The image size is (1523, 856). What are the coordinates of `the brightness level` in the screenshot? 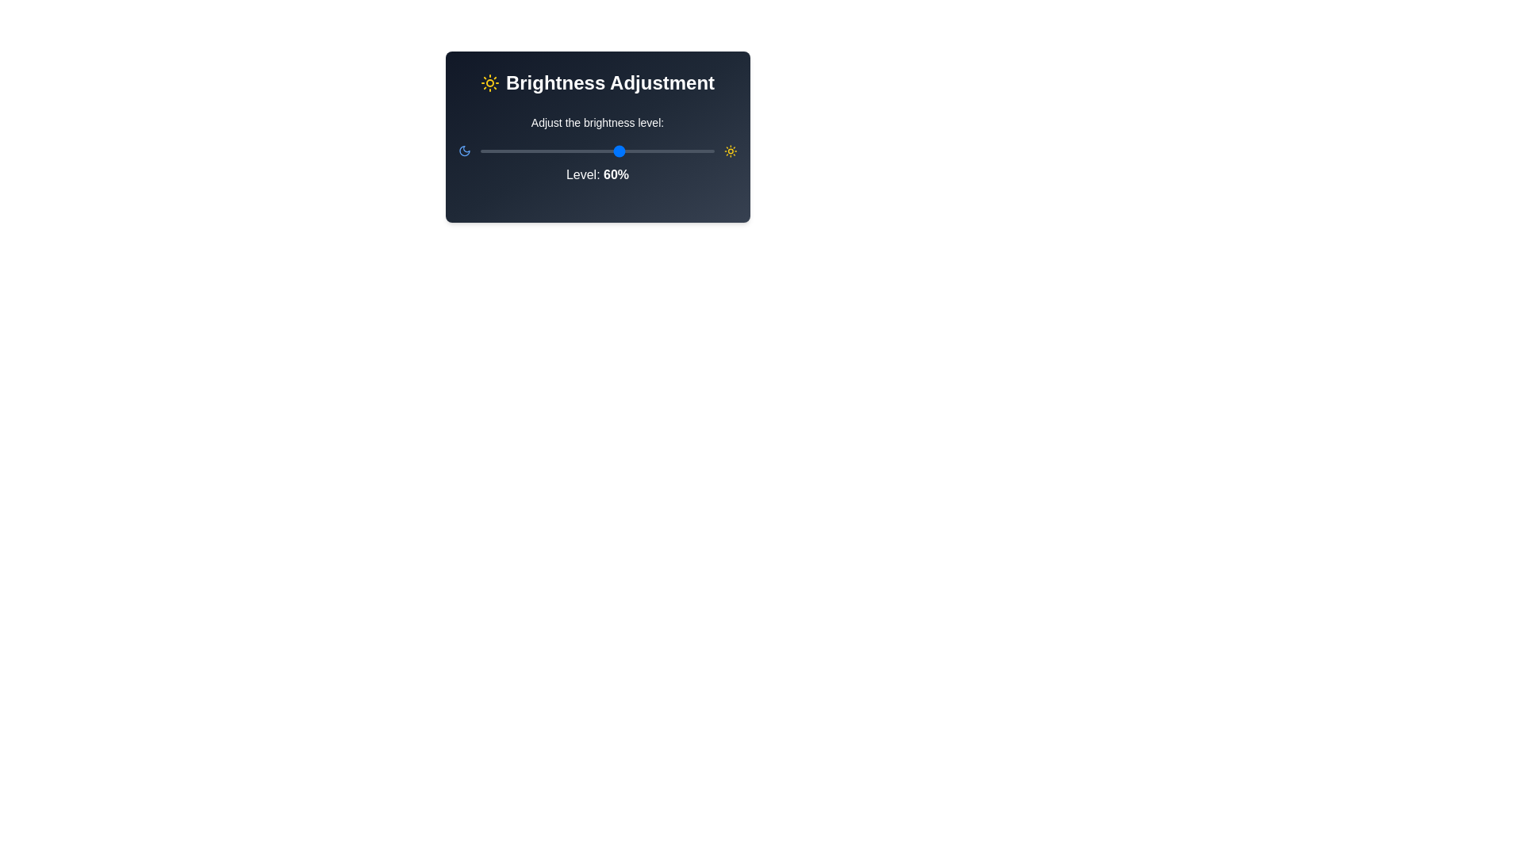 It's located at (629, 151).